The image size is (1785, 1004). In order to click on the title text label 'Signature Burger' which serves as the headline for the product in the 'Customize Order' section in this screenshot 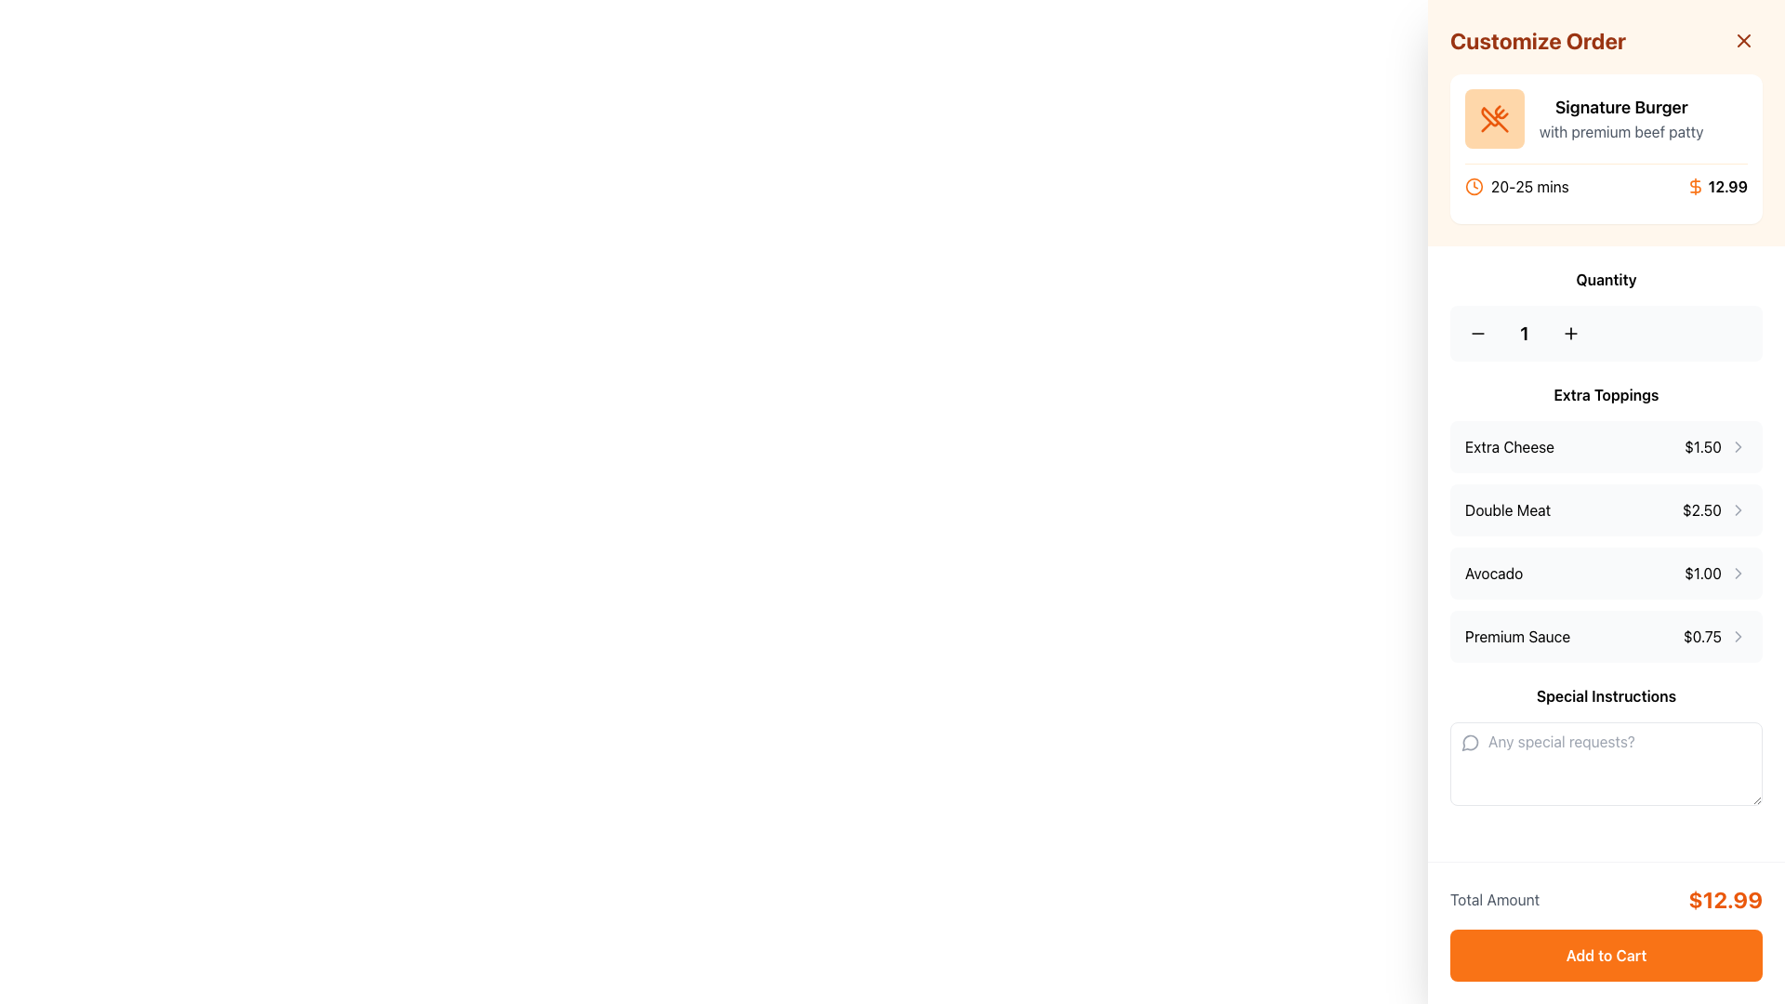, I will do `click(1620, 107)`.